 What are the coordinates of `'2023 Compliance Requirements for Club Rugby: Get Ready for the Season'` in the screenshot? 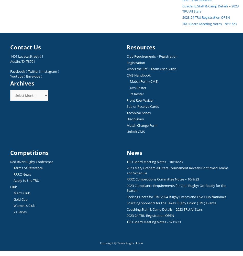 It's located at (176, 188).